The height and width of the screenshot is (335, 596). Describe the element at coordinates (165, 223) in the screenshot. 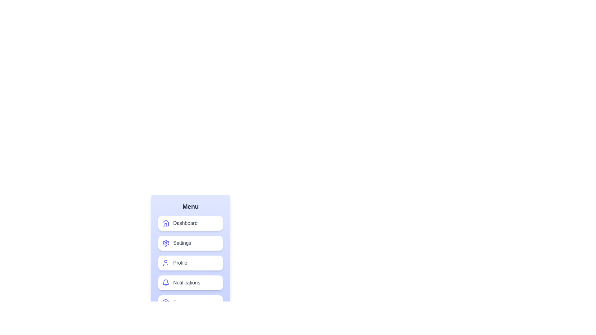

I see `the house outline icon located on the left side of the 'Dashboard' button in the vertical menu` at that location.